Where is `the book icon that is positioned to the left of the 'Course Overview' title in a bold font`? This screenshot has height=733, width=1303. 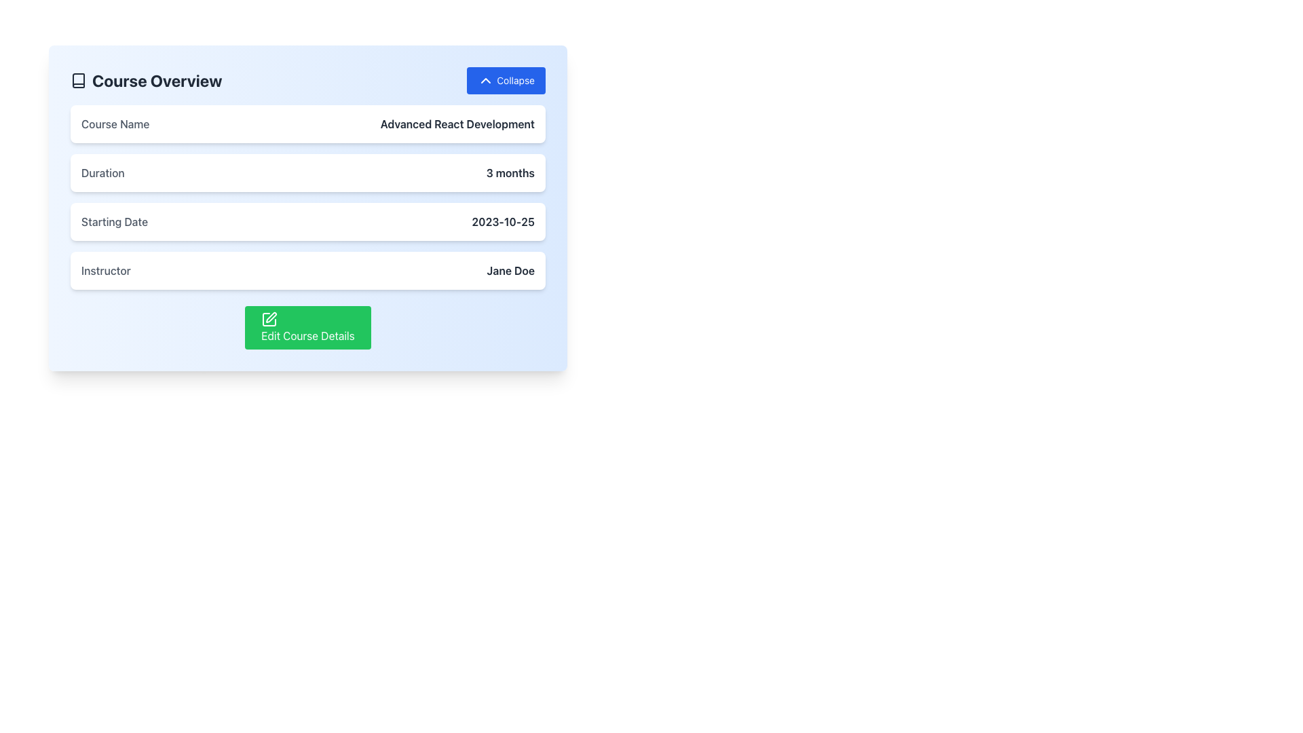
the book icon that is positioned to the left of the 'Course Overview' title in a bold font is located at coordinates (77, 81).